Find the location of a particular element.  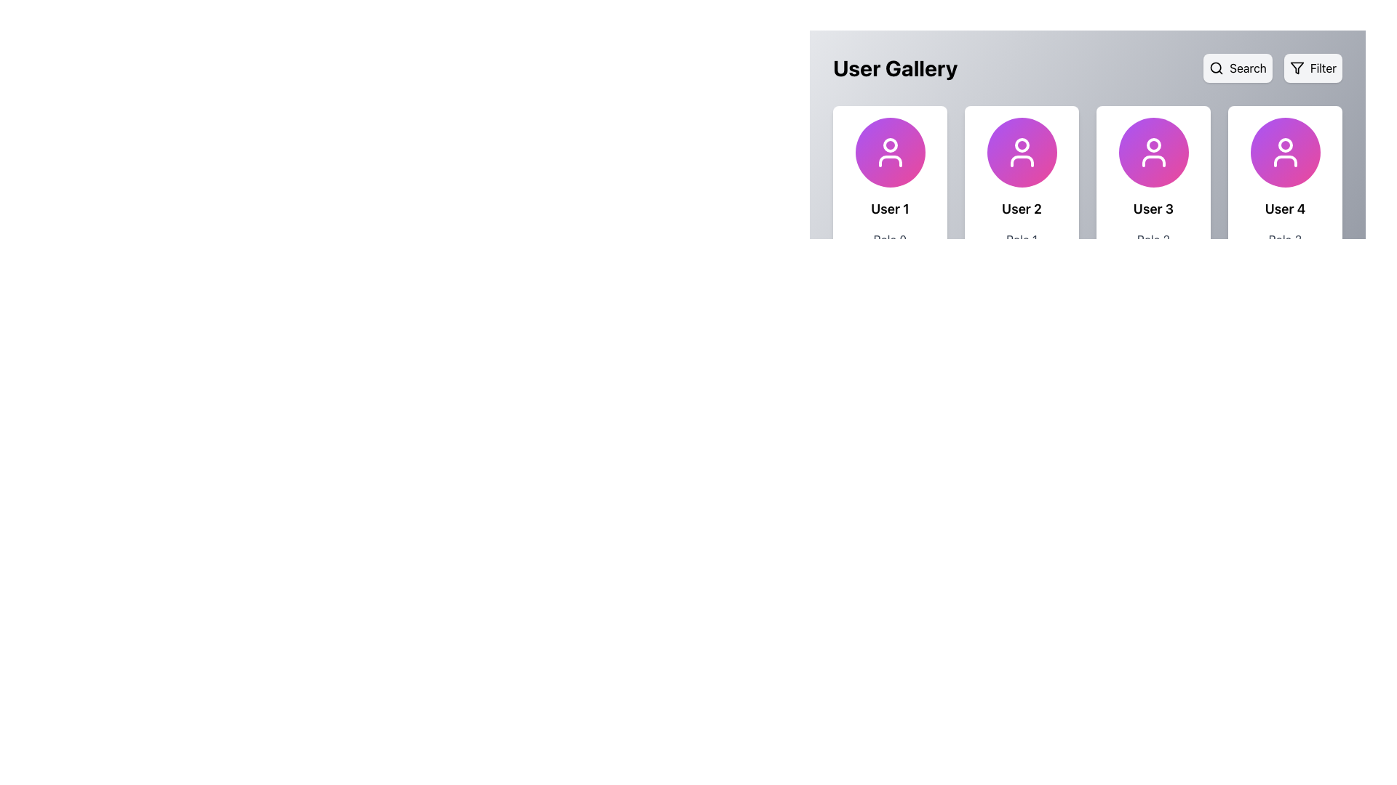

the text label displaying 'Role 3' in the fourth card of the User Gallery, which is positioned below 'User 4' and above the 'View Profile' button is located at coordinates (1285, 239).